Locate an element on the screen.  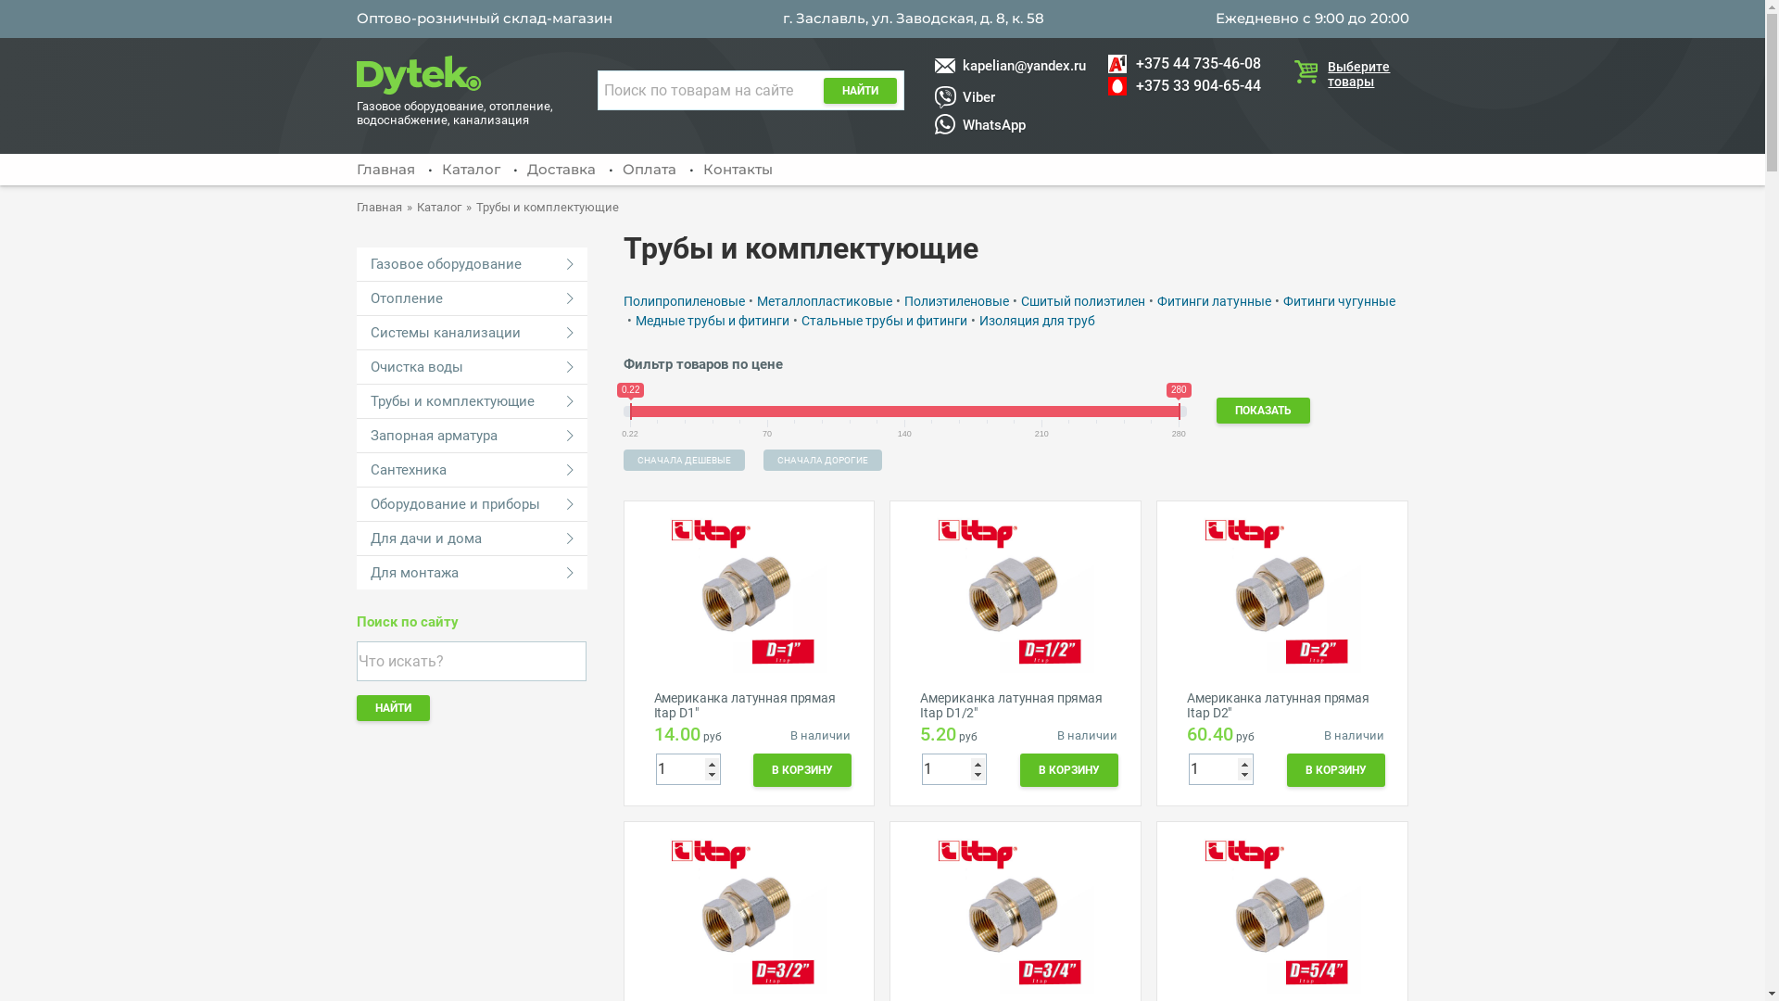
'WhatsApp' is located at coordinates (1009, 125).